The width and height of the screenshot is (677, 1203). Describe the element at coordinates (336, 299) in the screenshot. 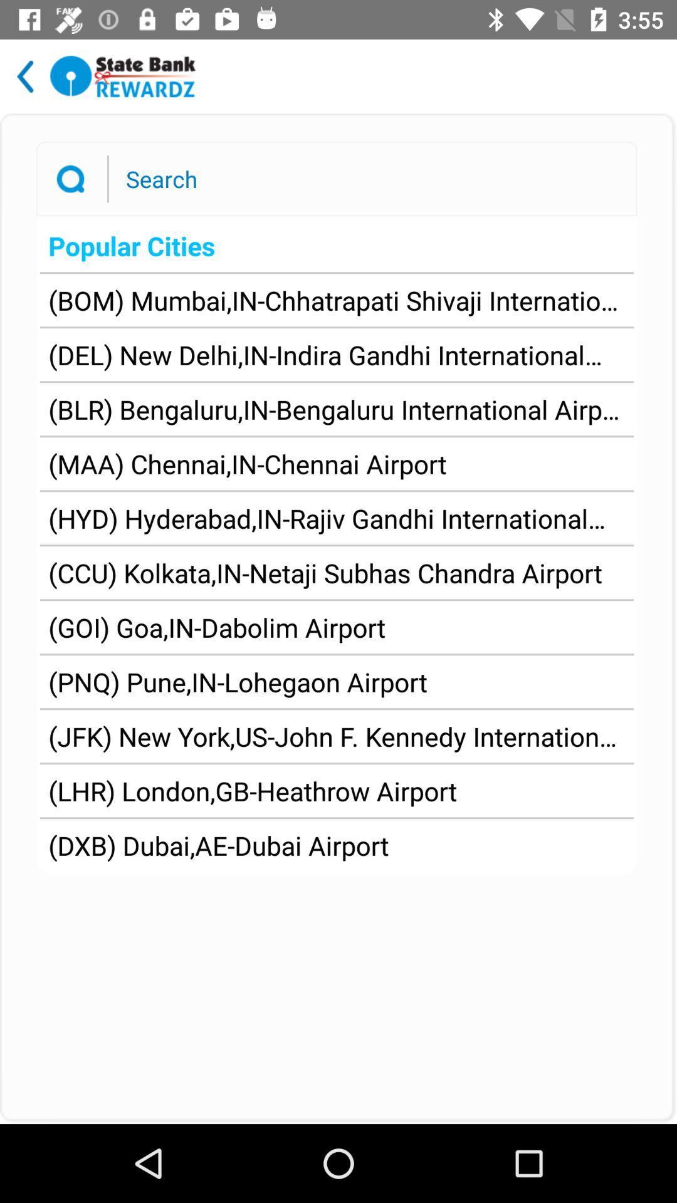

I see `icon above del new delhi icon` at that location.